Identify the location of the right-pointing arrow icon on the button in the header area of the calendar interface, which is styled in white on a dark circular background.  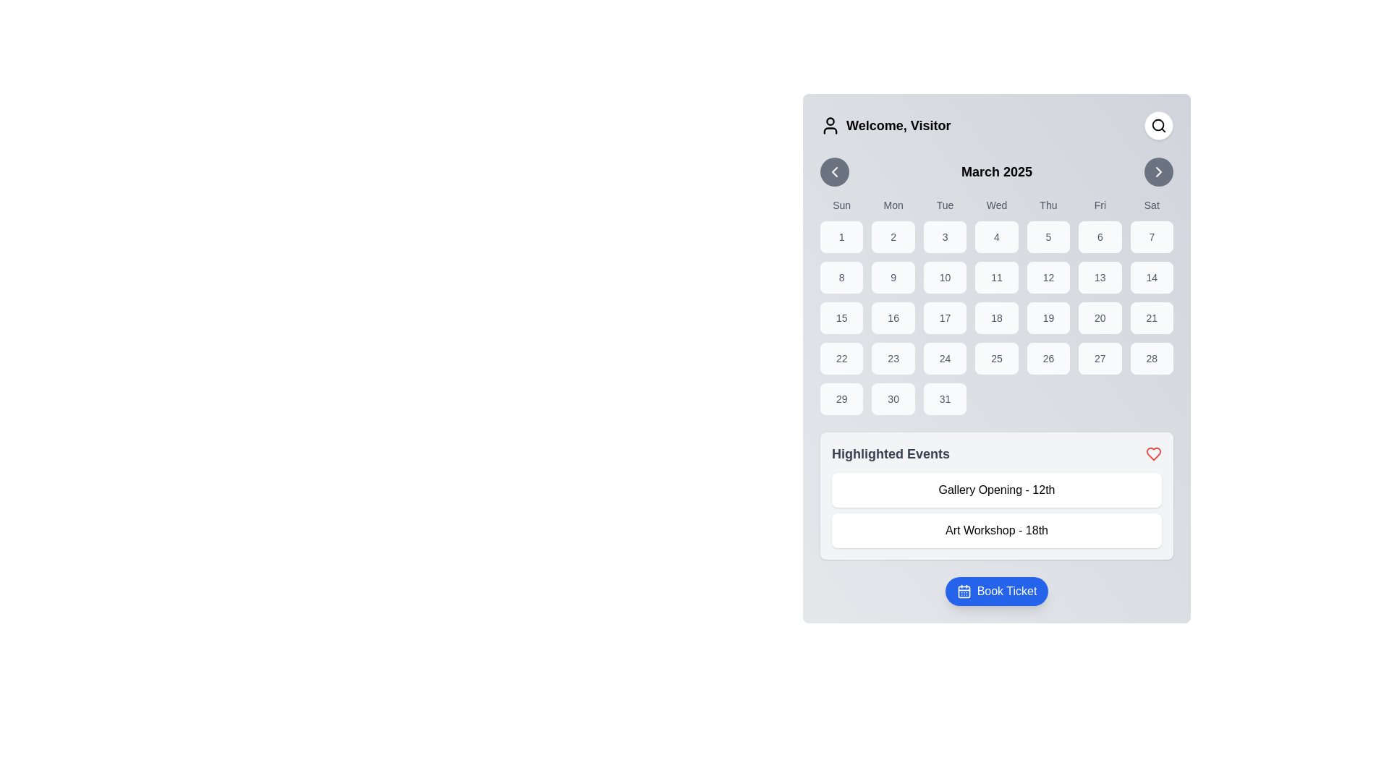
(1159, 171).